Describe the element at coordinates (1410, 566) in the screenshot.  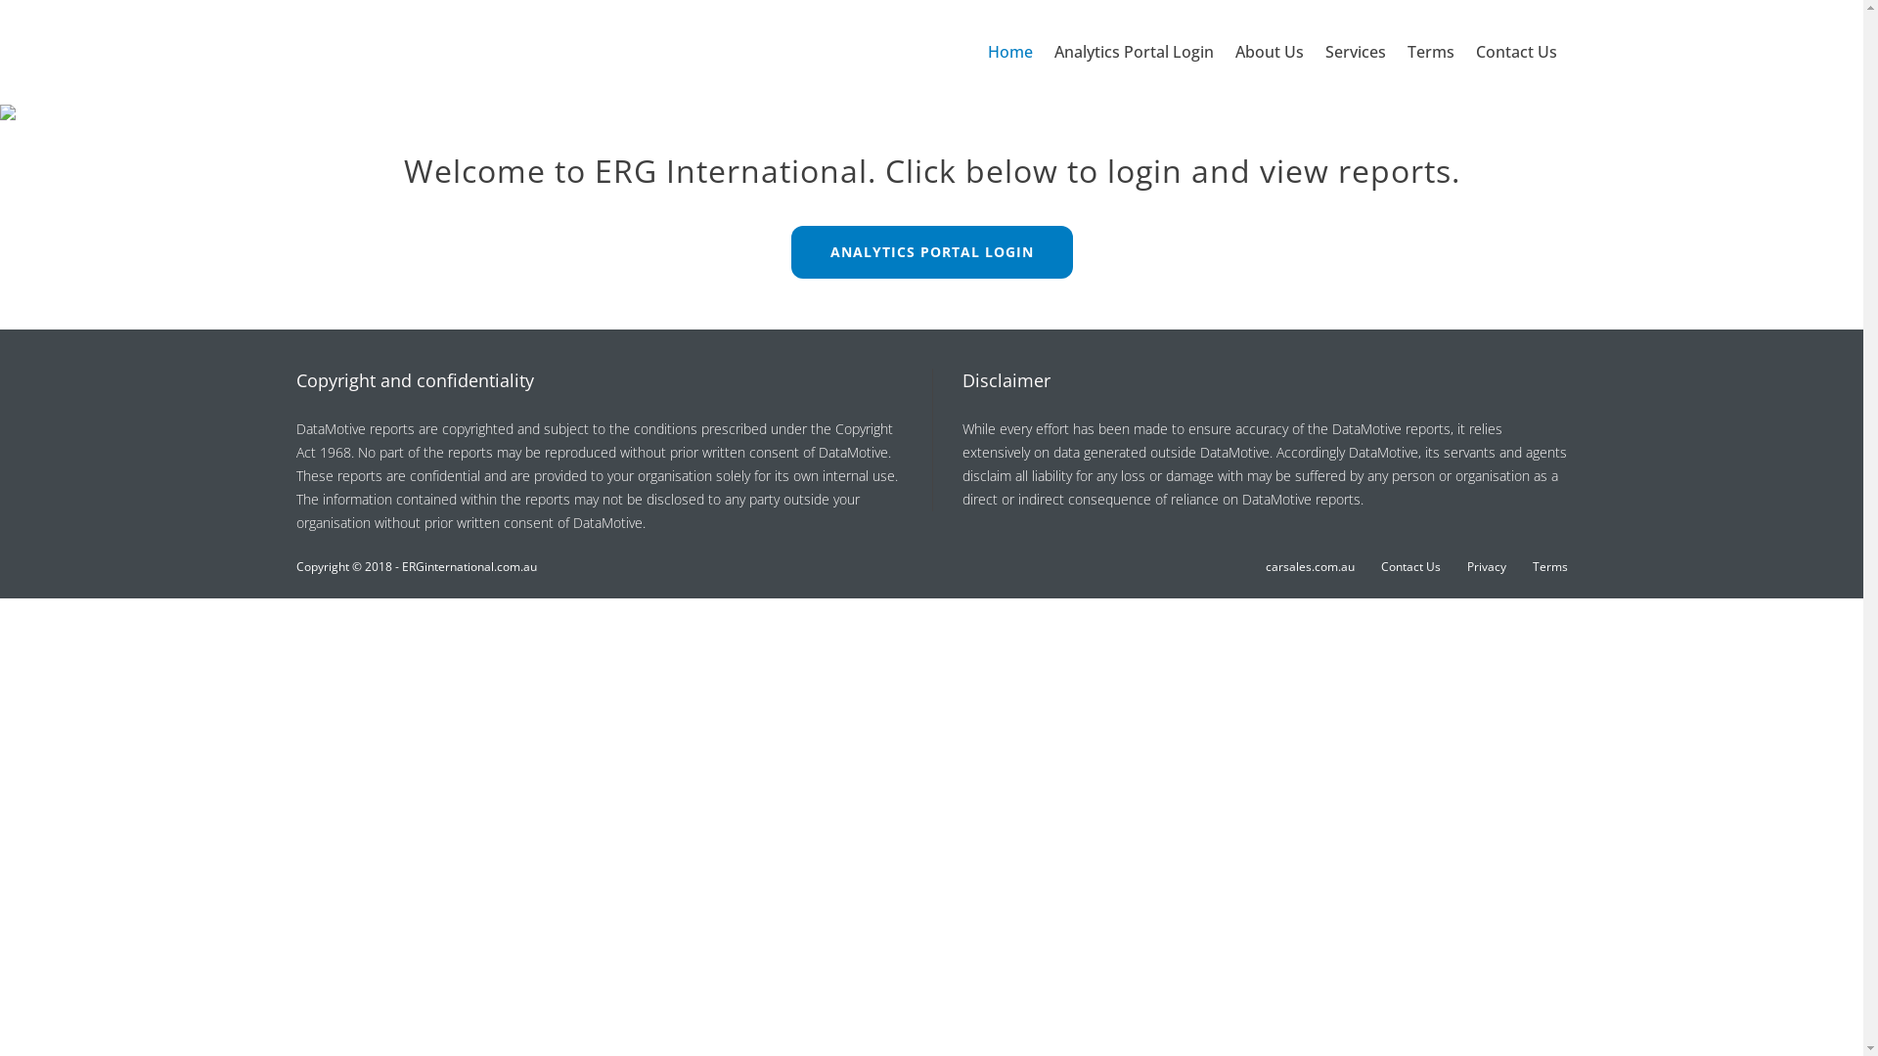
I see `'Contact Us'` at that location.